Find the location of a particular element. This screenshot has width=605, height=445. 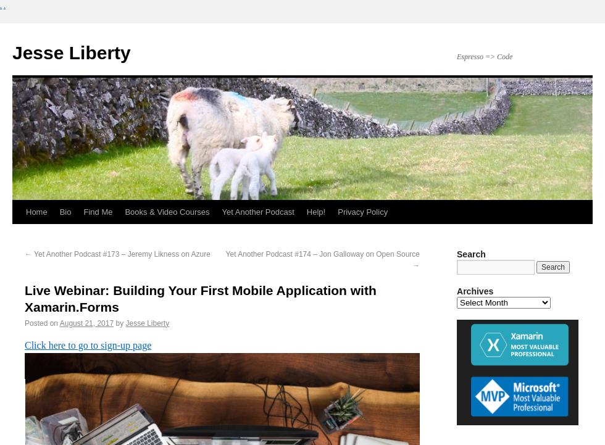

'August 21, 2017' is located at coordinates (86, 323).